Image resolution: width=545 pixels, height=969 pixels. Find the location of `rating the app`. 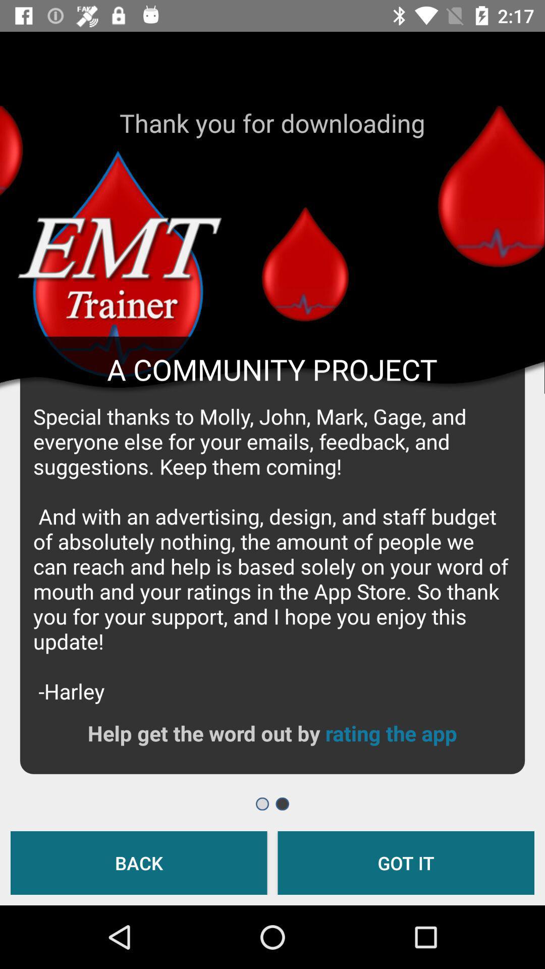

rating the app is located at coordinates (391, 733).